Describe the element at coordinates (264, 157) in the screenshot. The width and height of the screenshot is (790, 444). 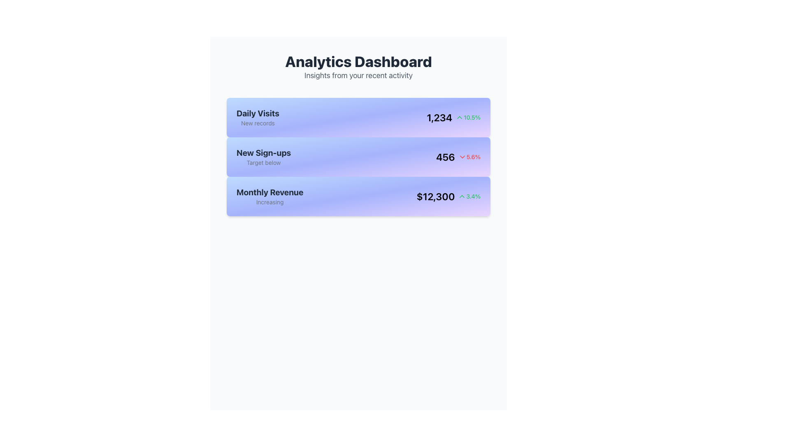
I see `the Label group displaying 'New Sign-ups' in the Analytics Dashboard, located in the second row of the card layout, above the 'Monthly Revenue' card` at that location.